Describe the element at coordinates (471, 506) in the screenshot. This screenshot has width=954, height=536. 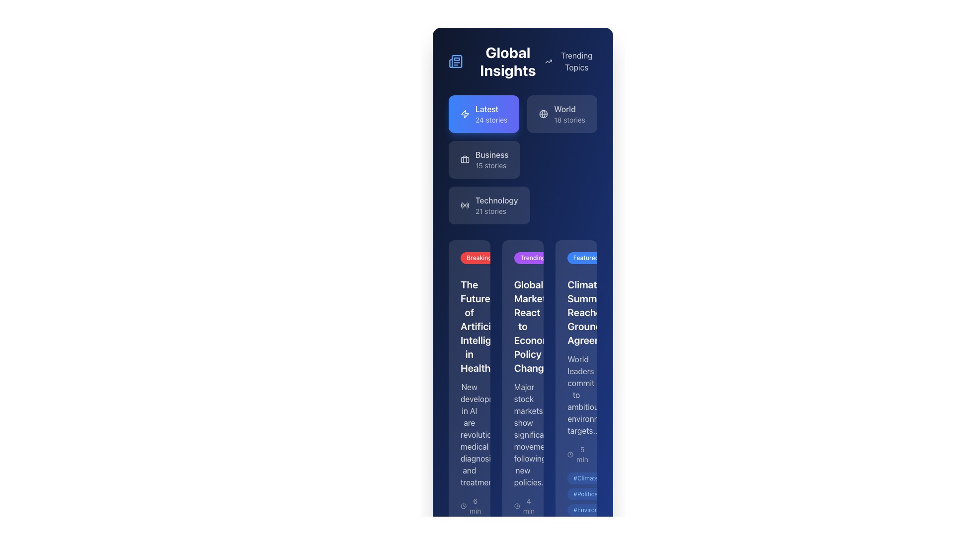
I see `the content of the Label with a clock icon displaying '6 min', located in the bottom-left corner of the first column of vertically stacked content blocks` at that location.